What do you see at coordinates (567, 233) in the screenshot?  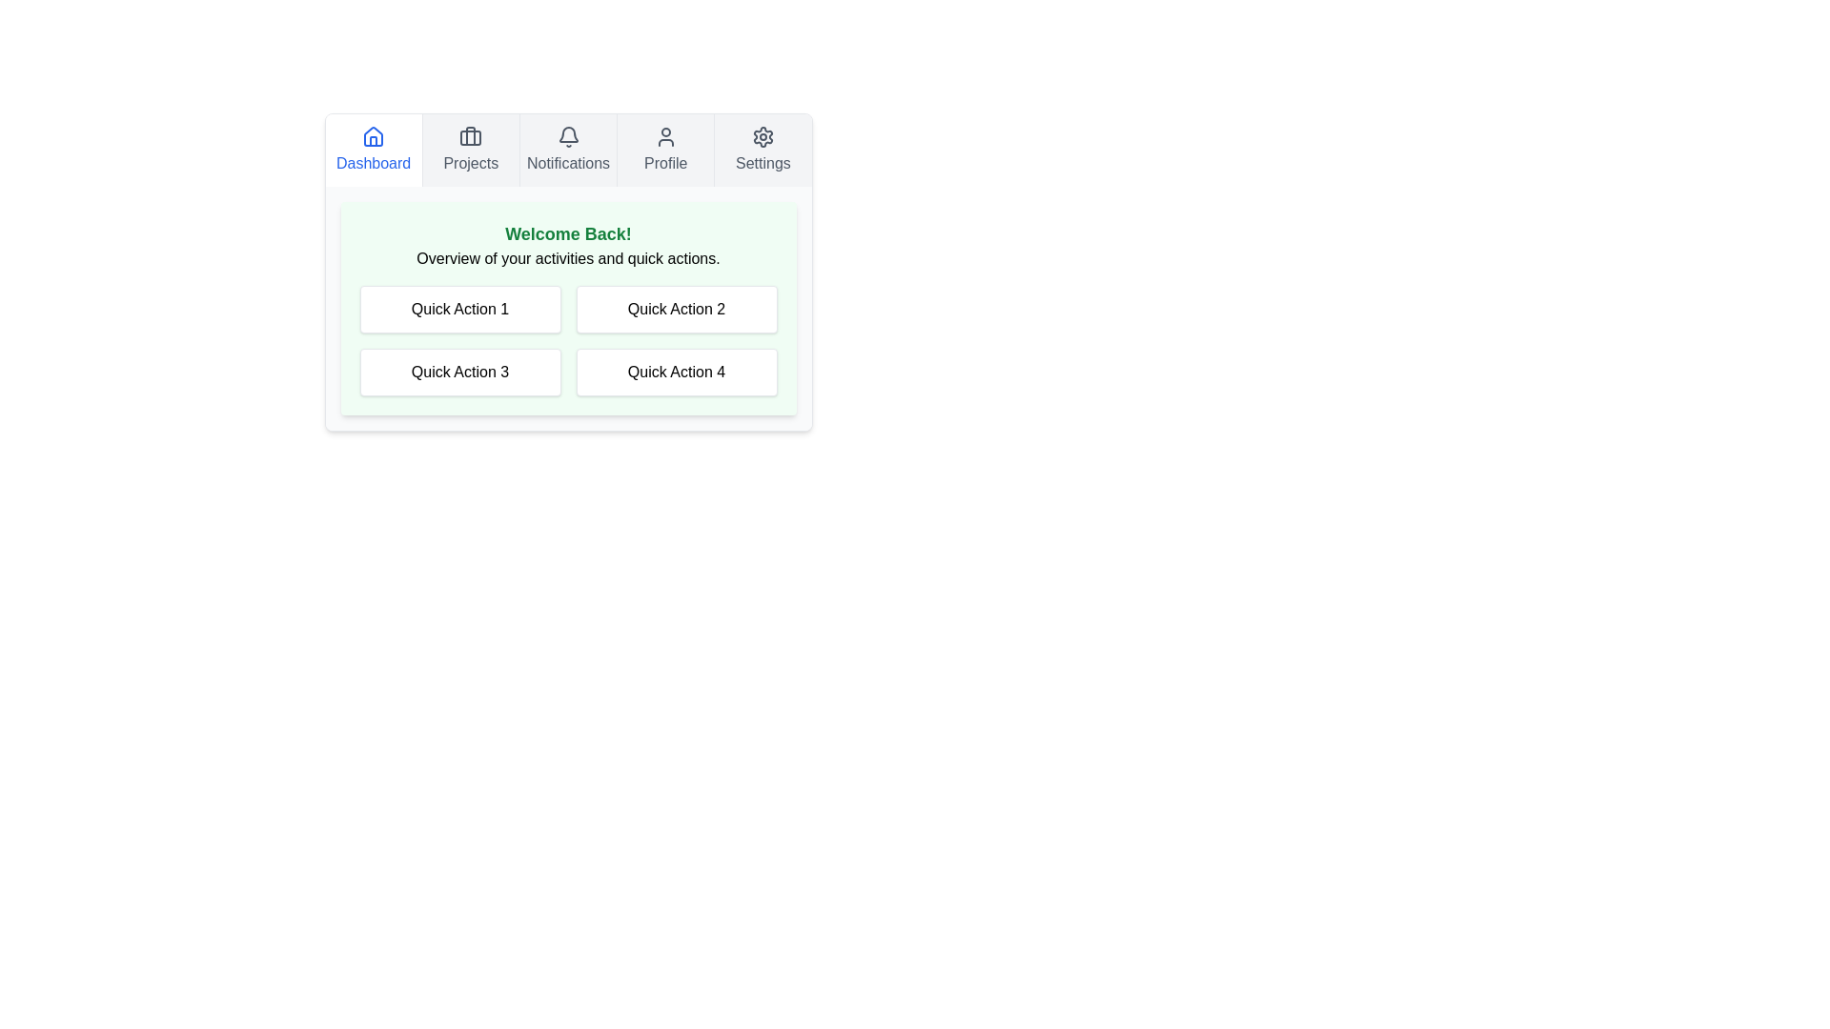 I see `the welcoming Text header that indicates the start of the dashboard section` at bounding box center [567, 233].